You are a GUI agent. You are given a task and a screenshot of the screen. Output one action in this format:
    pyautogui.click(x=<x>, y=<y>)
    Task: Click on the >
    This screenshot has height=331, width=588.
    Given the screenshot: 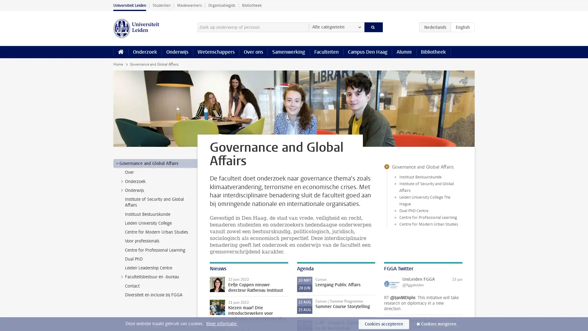 What is the action you would take?
    pyautogui.click(x=122, y=190)
    